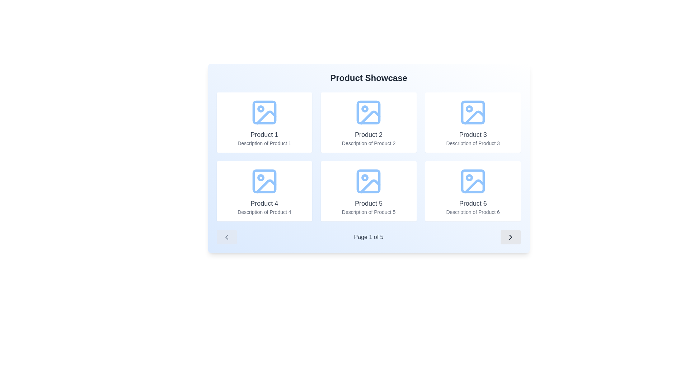 This screenshot has width=689, height=387. Describe the element at coordinates (473, 112) in the screenshot. I see `the blue outlined image placeholder icon located at the top center of the 'Product 3' box in the grid layout` at that location.